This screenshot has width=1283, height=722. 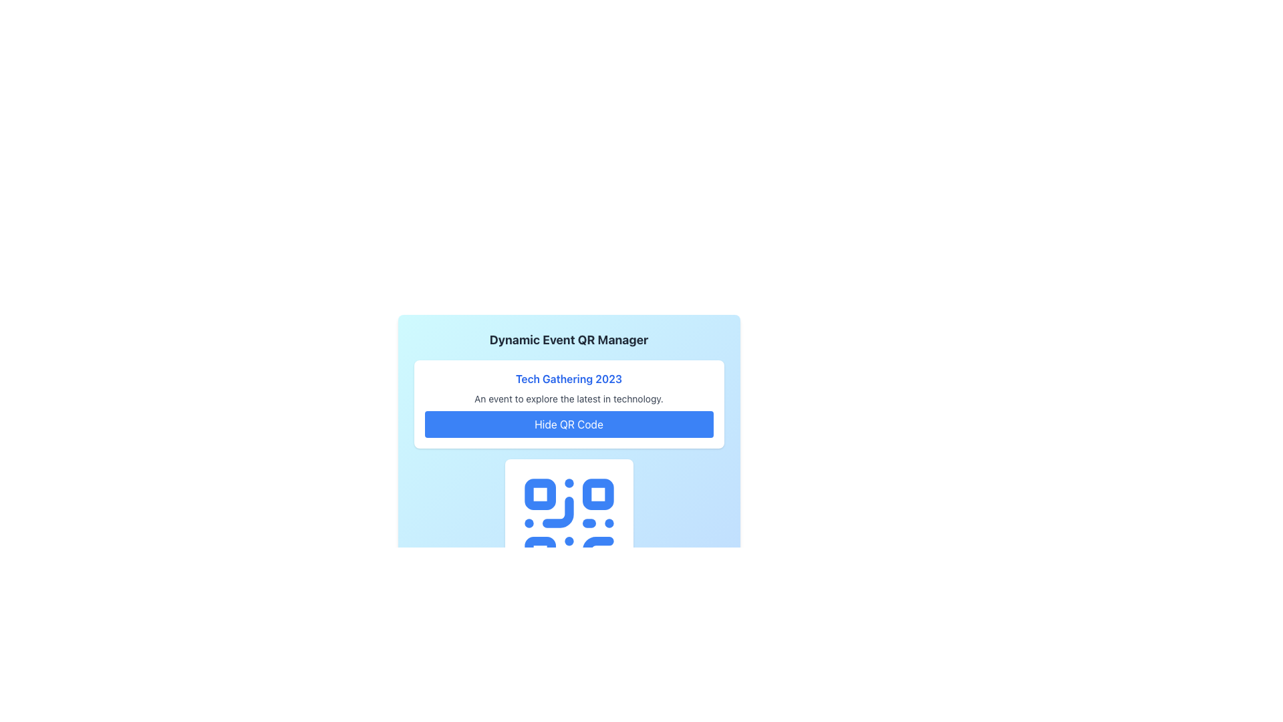 What do you see at coordinates (540, 494) in the screenshot?
I see `the top-left small square of the QR code, which is a blue rounded square located in the bottom half of the interface` at bounding box center [540, 494].